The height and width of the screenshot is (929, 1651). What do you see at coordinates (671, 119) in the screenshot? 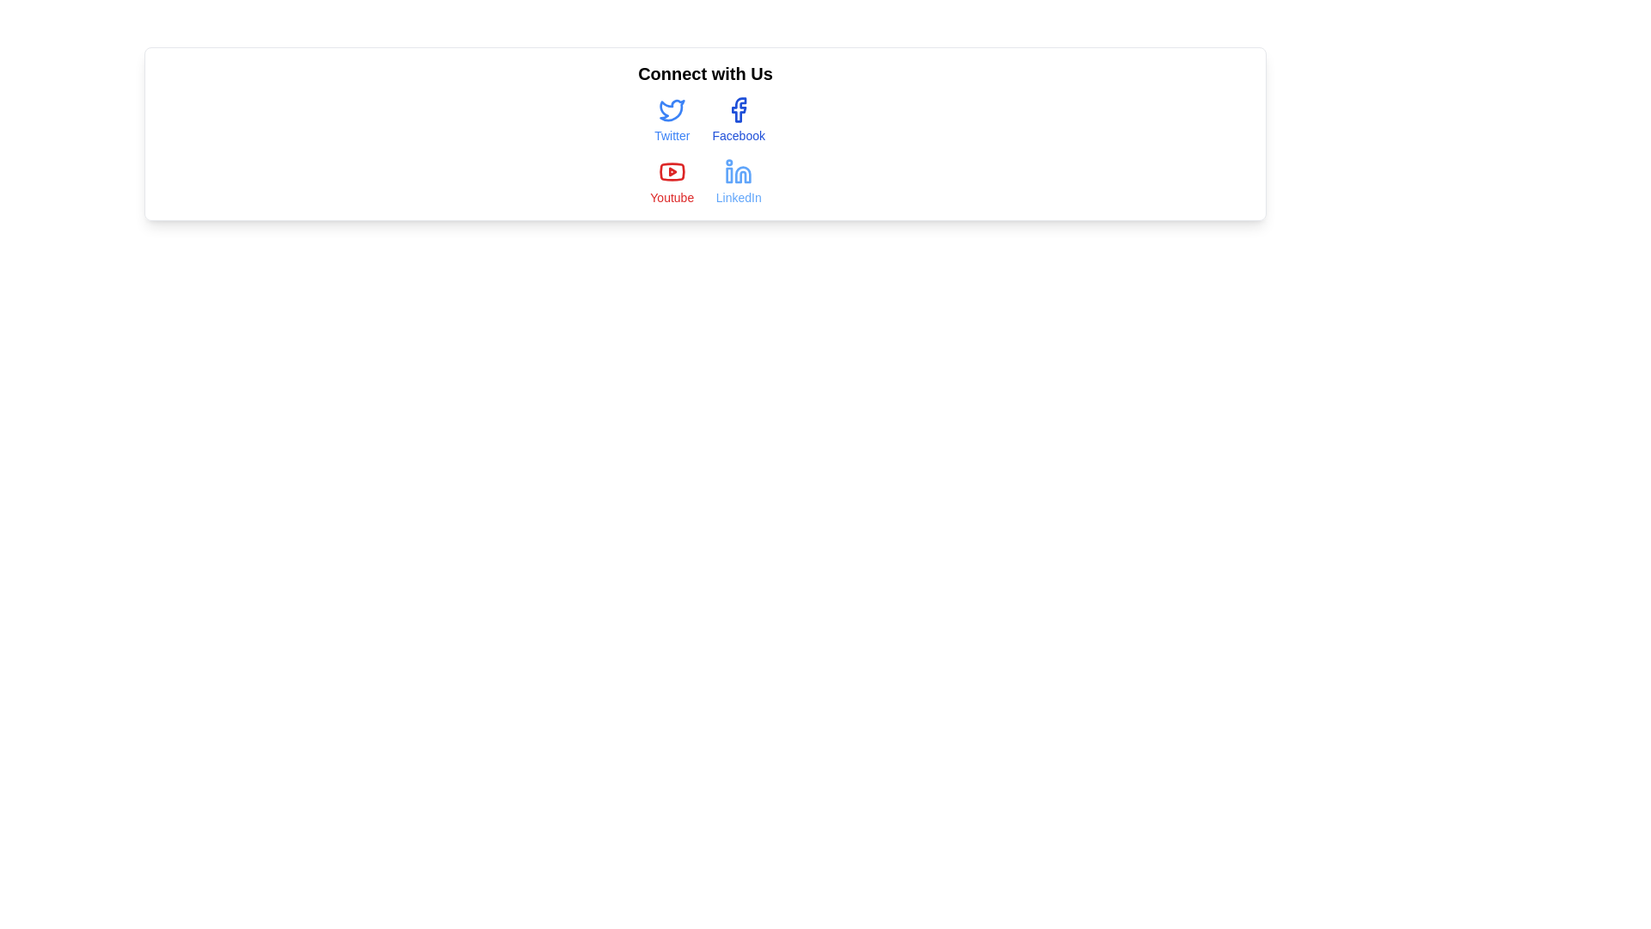
I see `the Hyperlink button with an icon and label located in the top left corner of the grid` at bounding box center [671, 119].